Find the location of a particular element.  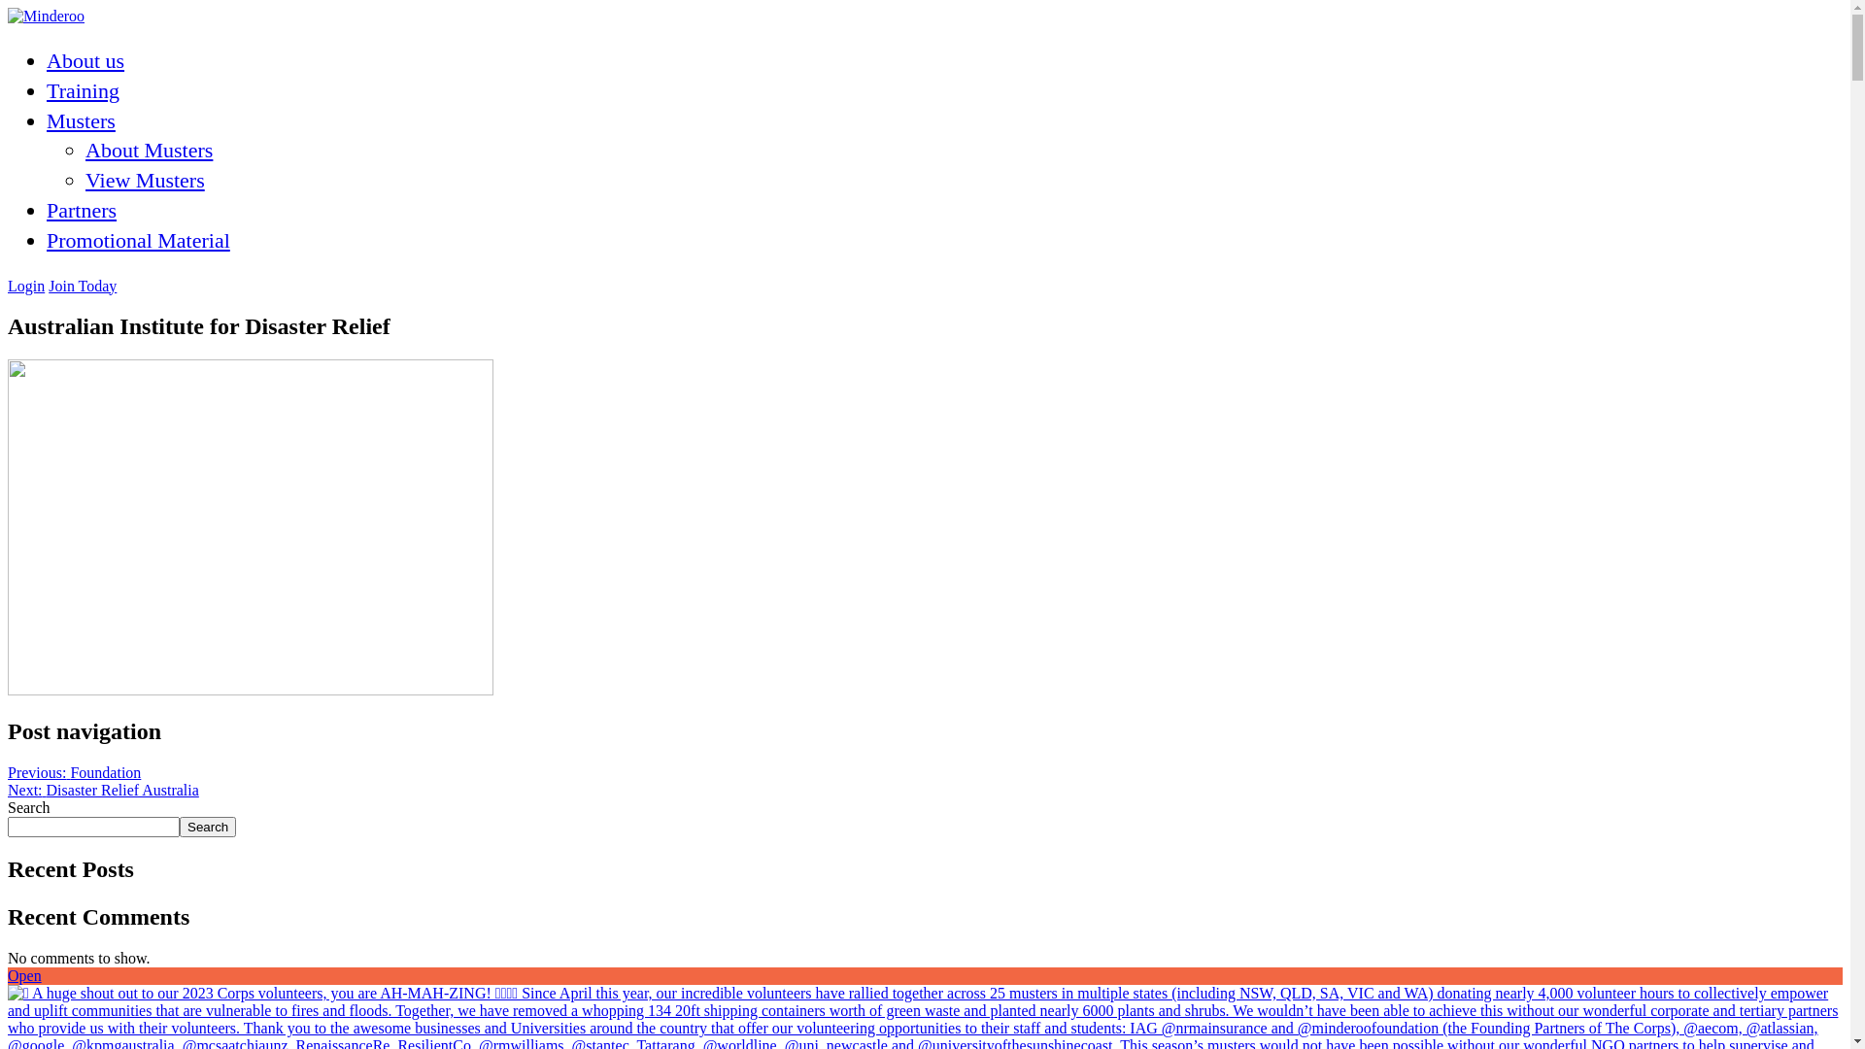

'Training' is located at coordinates (82, 90).